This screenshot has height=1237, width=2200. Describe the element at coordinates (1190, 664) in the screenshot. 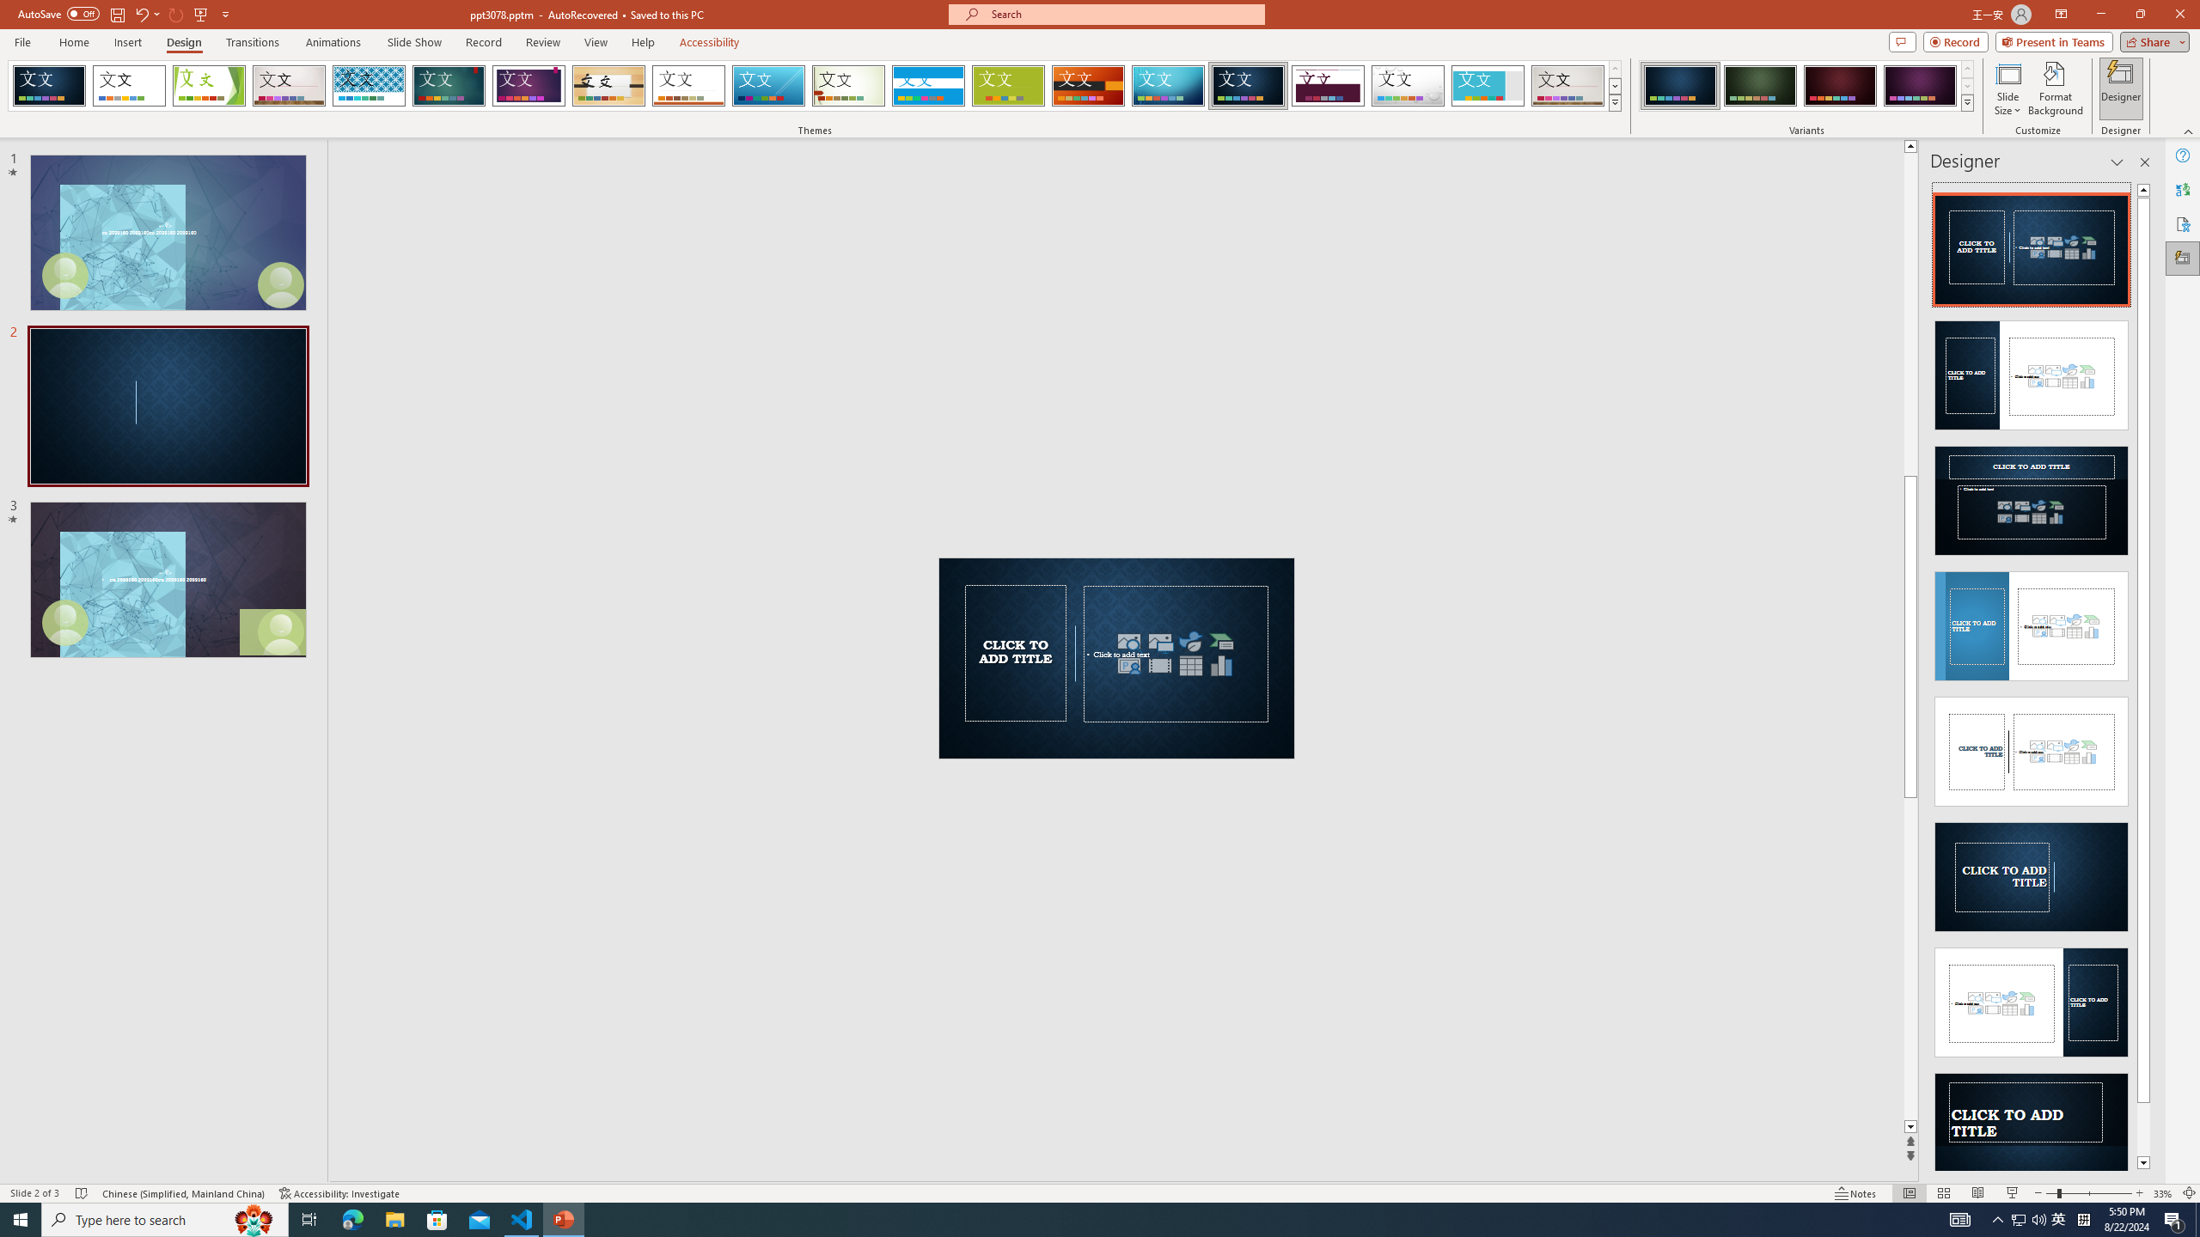

I see `'Insert Table'` at that location.